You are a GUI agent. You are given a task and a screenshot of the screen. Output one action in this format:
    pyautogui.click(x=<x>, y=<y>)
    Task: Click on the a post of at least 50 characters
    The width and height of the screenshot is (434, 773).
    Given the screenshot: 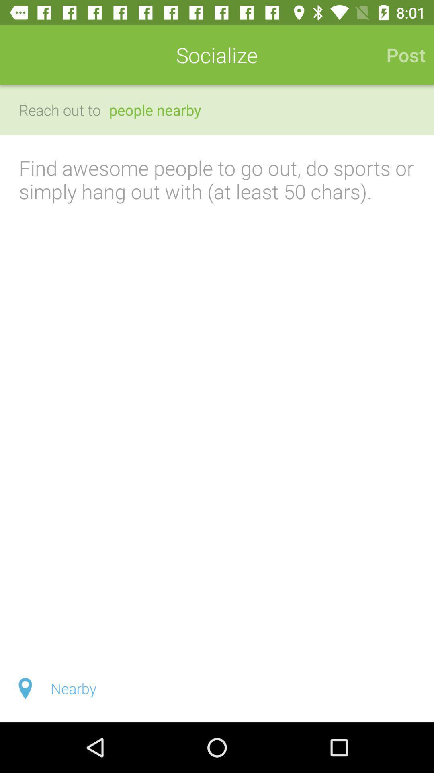 What is the action you would take?
    pyautogui.click(x=217, y=395)
    